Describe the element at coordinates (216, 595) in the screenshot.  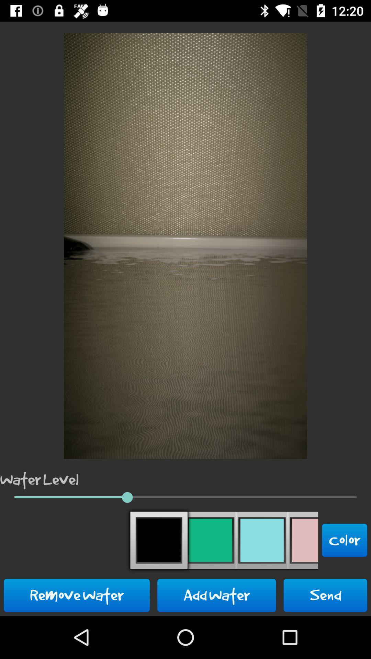
I see `the icon next to the send item` at that location.